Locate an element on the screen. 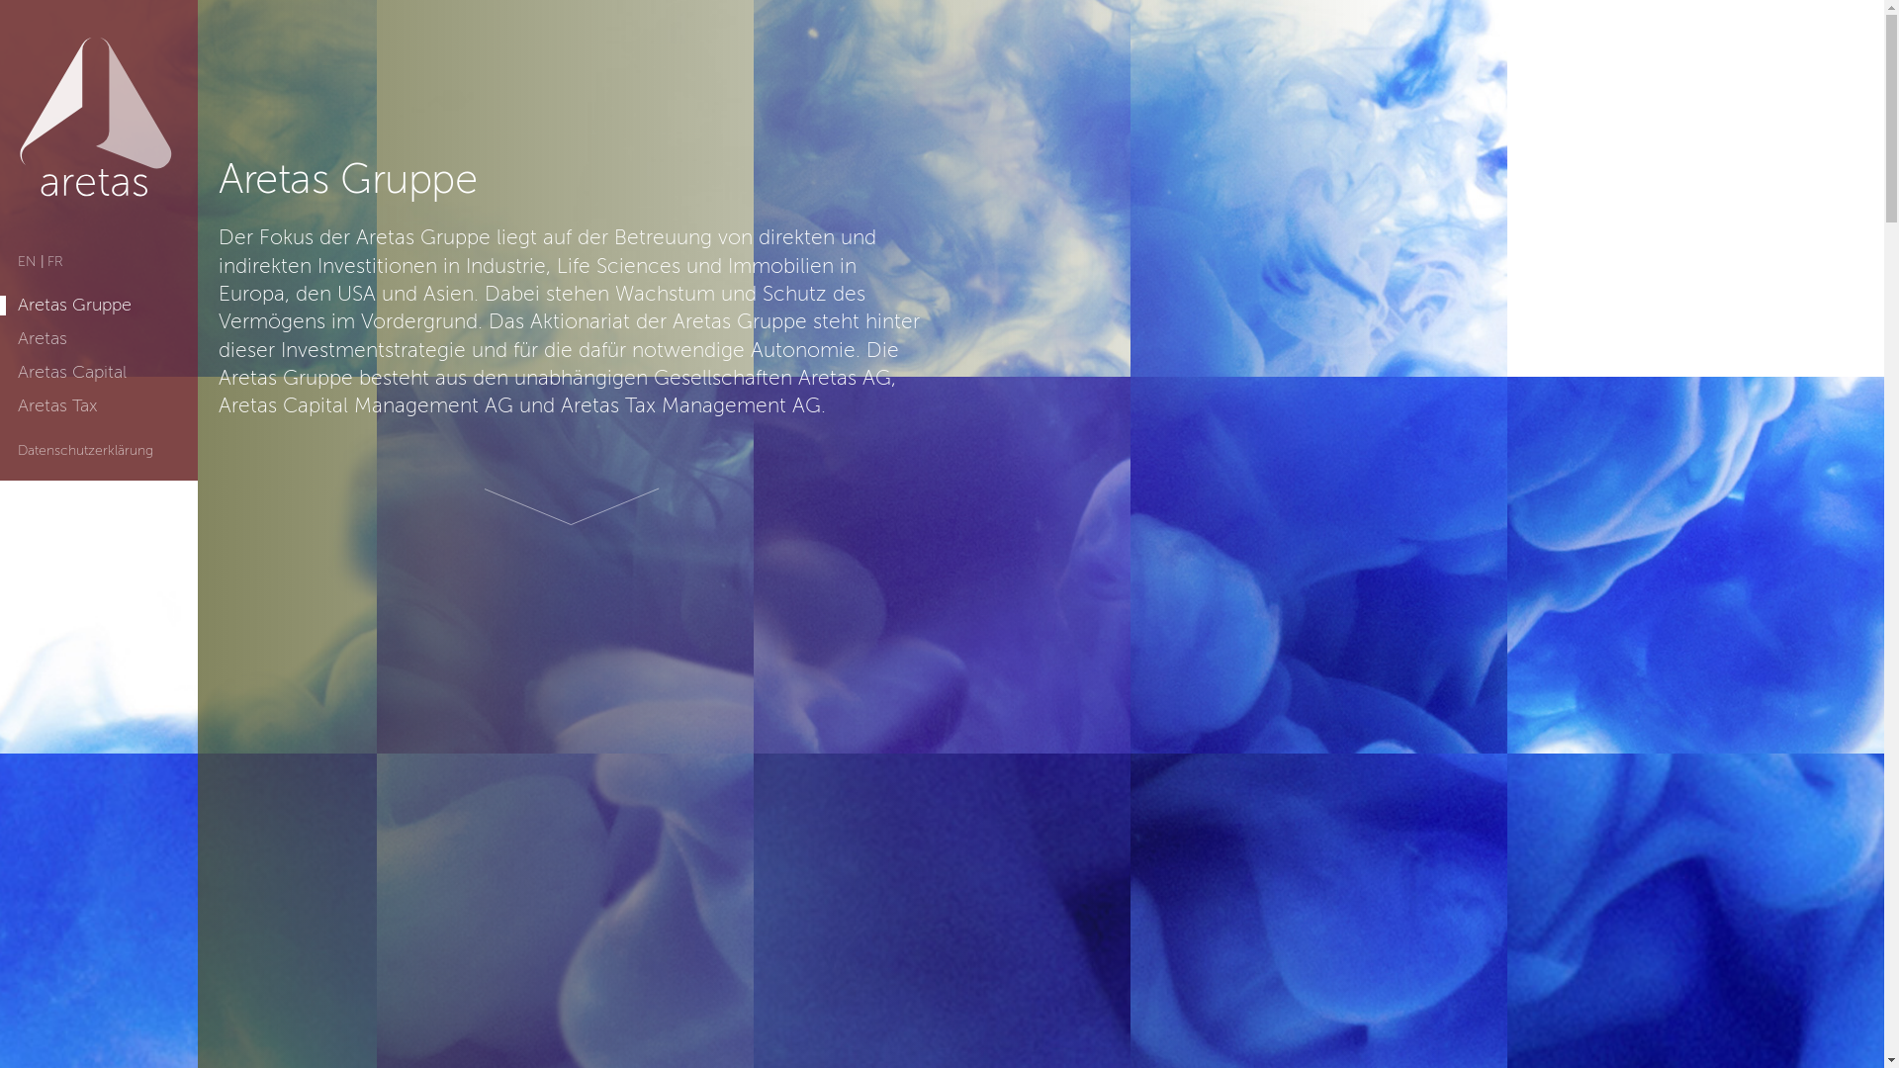 The image size is (1899, 1068). 'Aretas Tax' is located at coordinates (57, 405).